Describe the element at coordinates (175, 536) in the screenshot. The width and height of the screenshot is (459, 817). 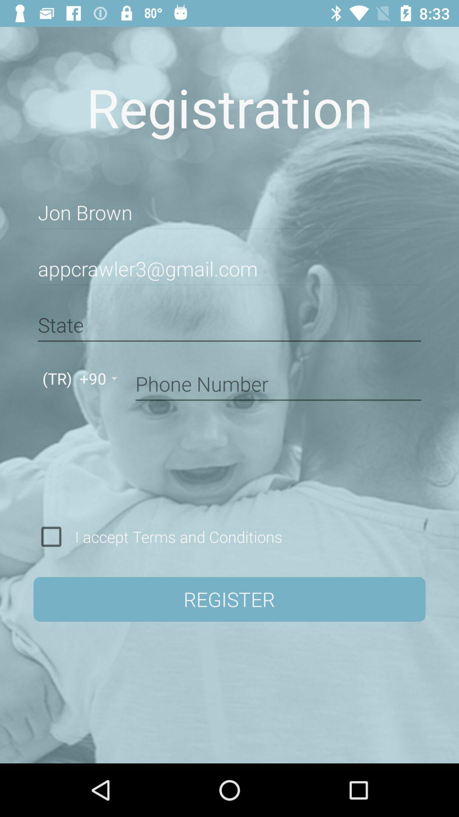
I see `i accept terms icon` at that location.